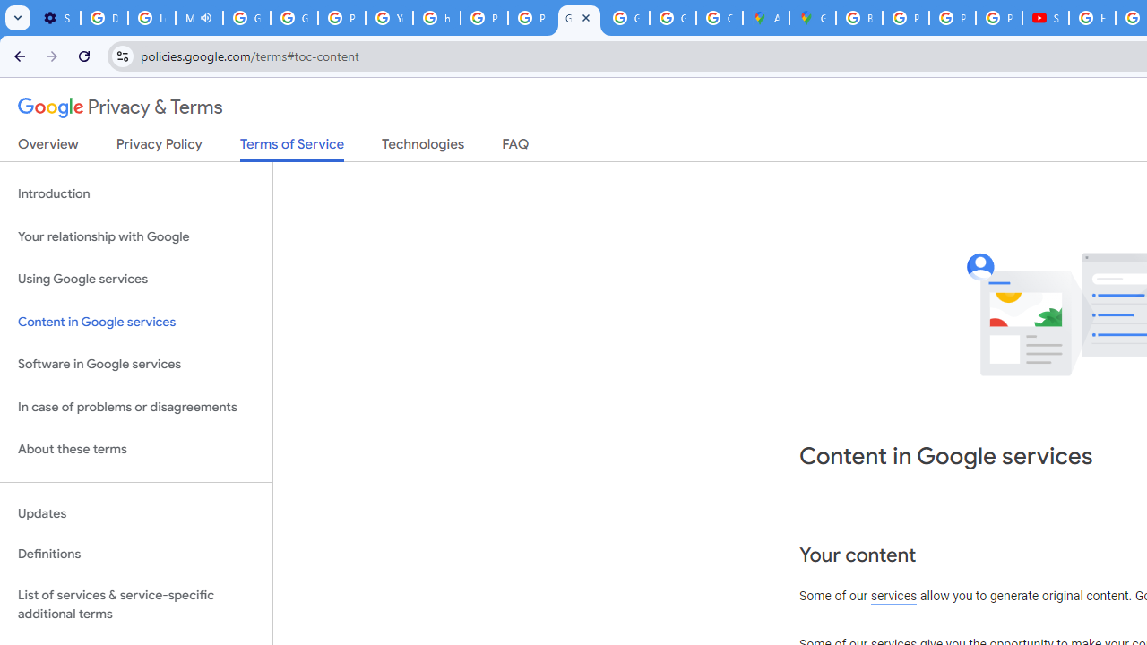 This screenshot has height=645, width=1147. Describe the element at coordinates (905, 18) in the screenshot. I see `'Privacy Help Center - Policies Help'` at that location.